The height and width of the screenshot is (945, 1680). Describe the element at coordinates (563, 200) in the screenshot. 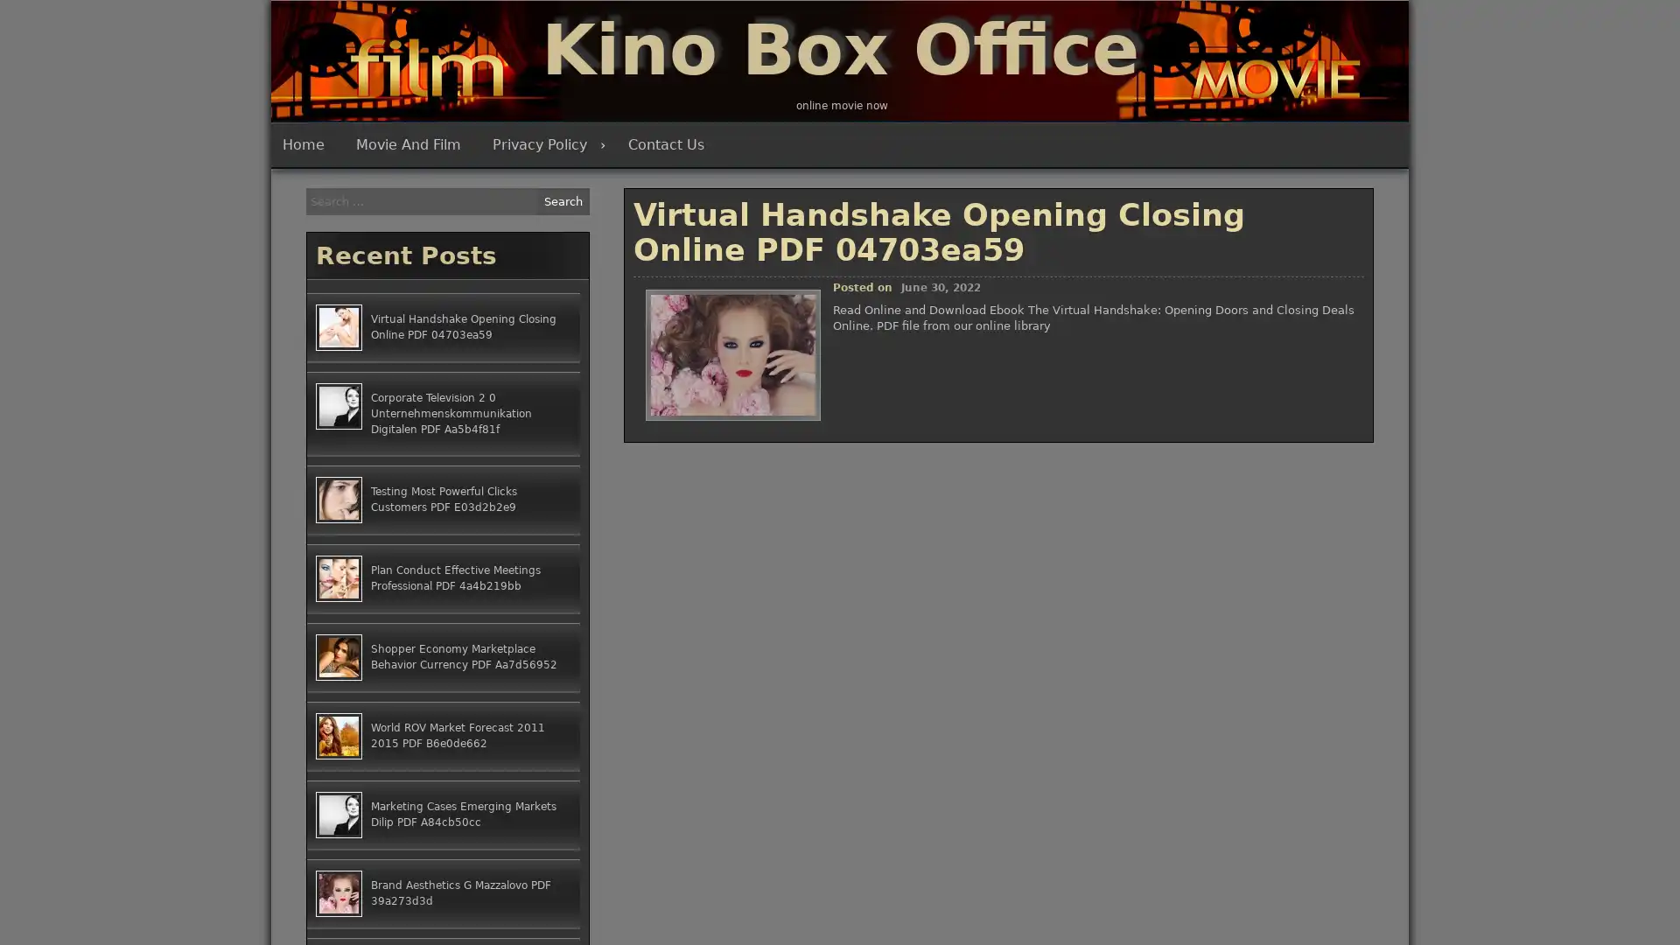

I see `Search` at that location.